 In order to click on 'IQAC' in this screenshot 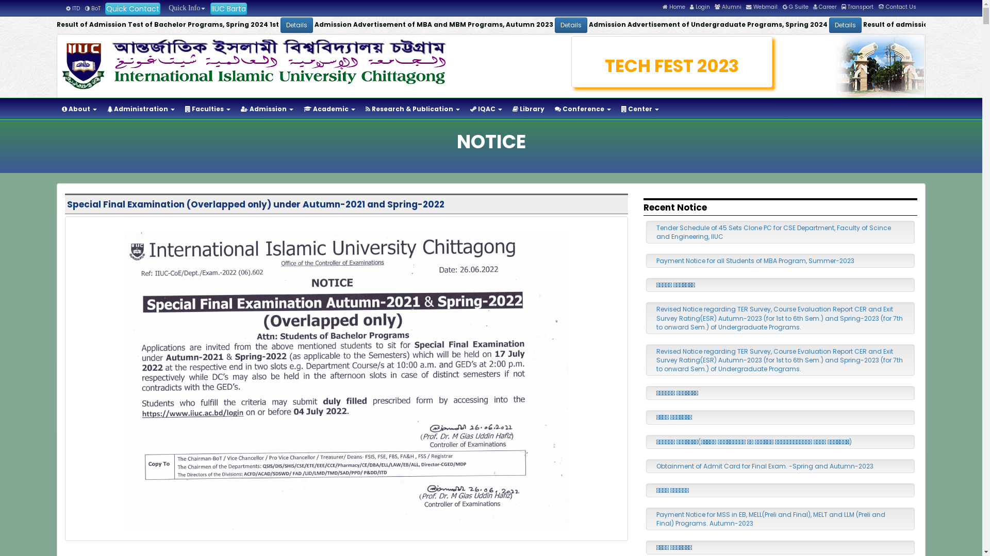, I will do `click(485, 109)`.